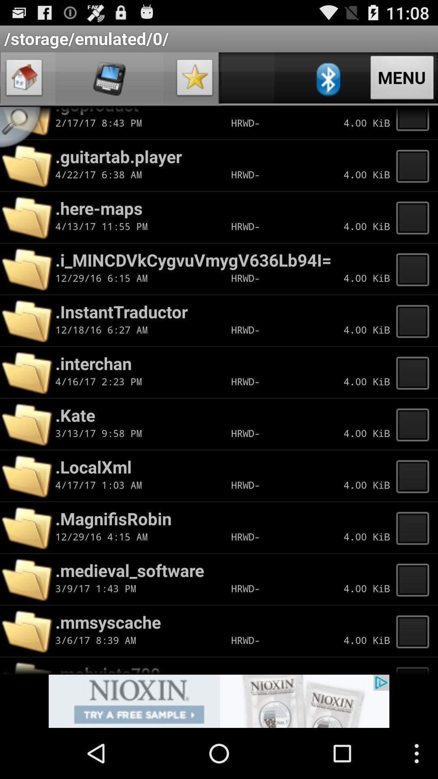 Image resolution: width=438 pixels, height=779 pixels. Describe the element at coordinates (24, 80) in the screenshot. I see `home option` at that location.